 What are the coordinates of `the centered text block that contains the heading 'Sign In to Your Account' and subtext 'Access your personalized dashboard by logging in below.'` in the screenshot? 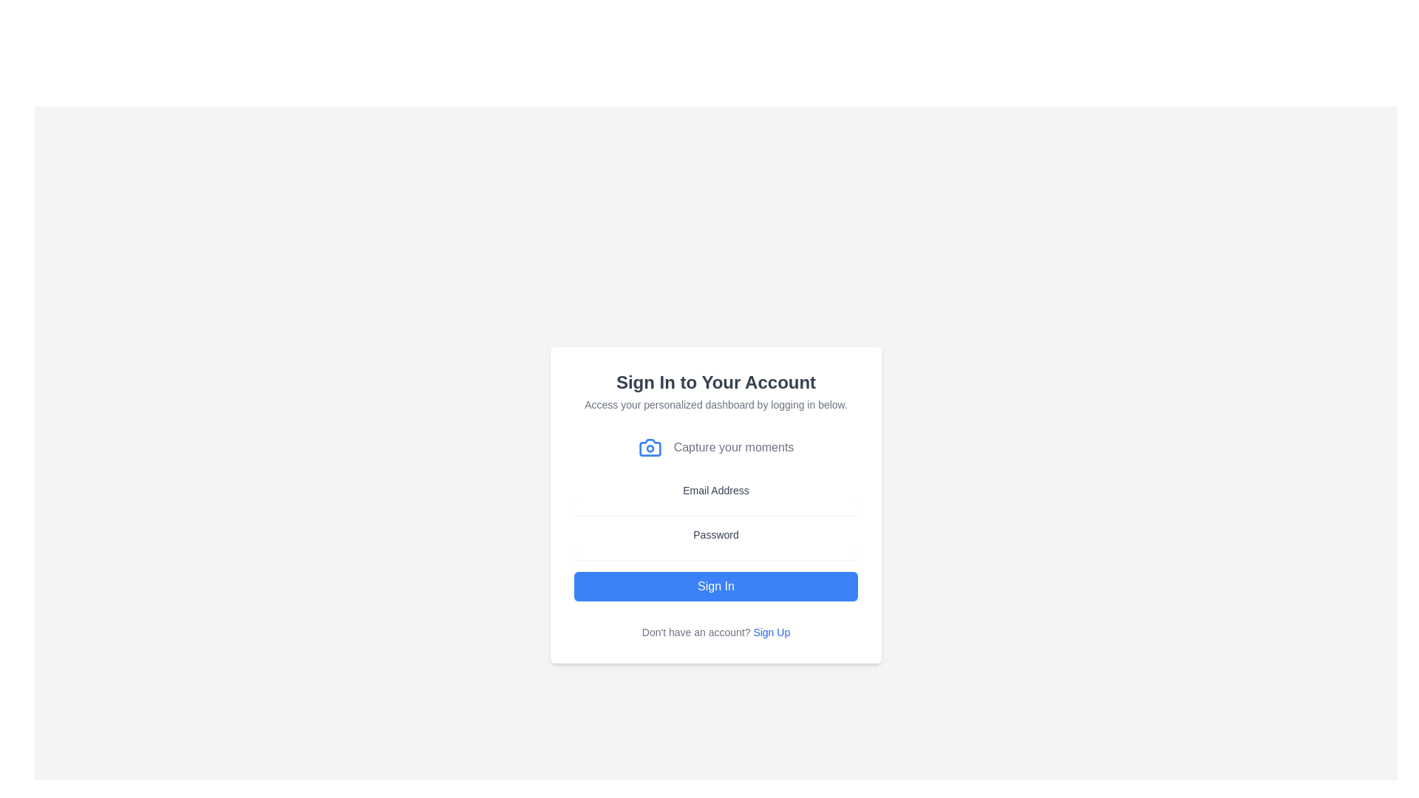 It's located at (716, 390).